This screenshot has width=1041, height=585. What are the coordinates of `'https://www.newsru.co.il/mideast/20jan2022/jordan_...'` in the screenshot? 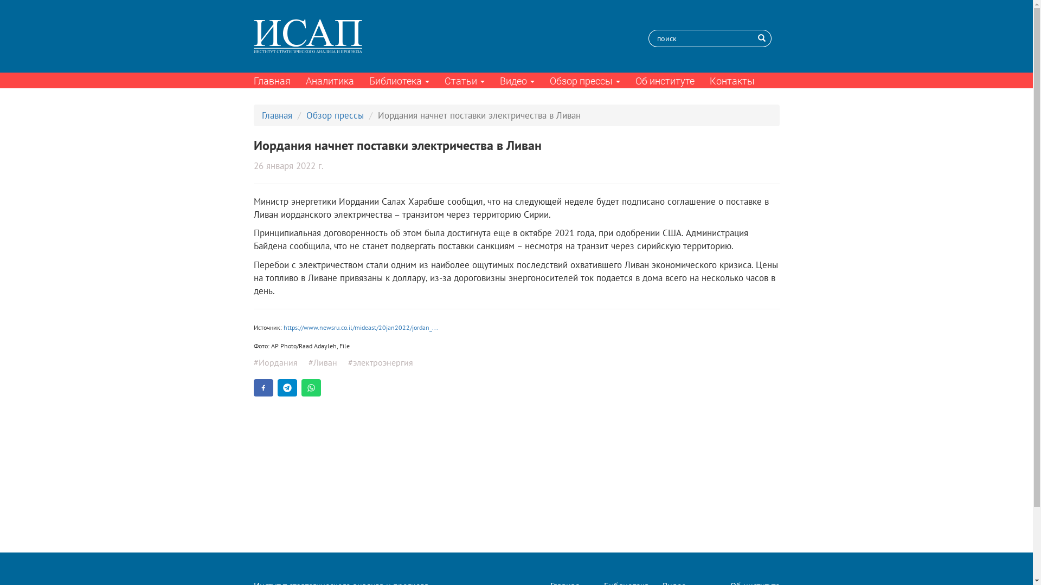 It's located at (360, 327).